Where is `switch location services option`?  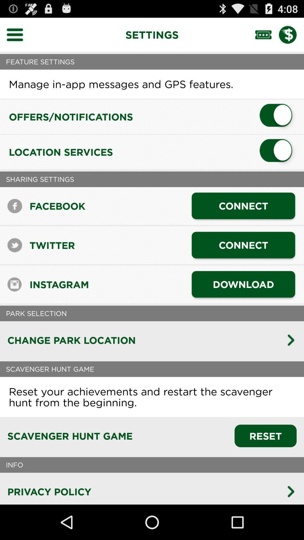
switch location services option is located at coordinates (278, 152).